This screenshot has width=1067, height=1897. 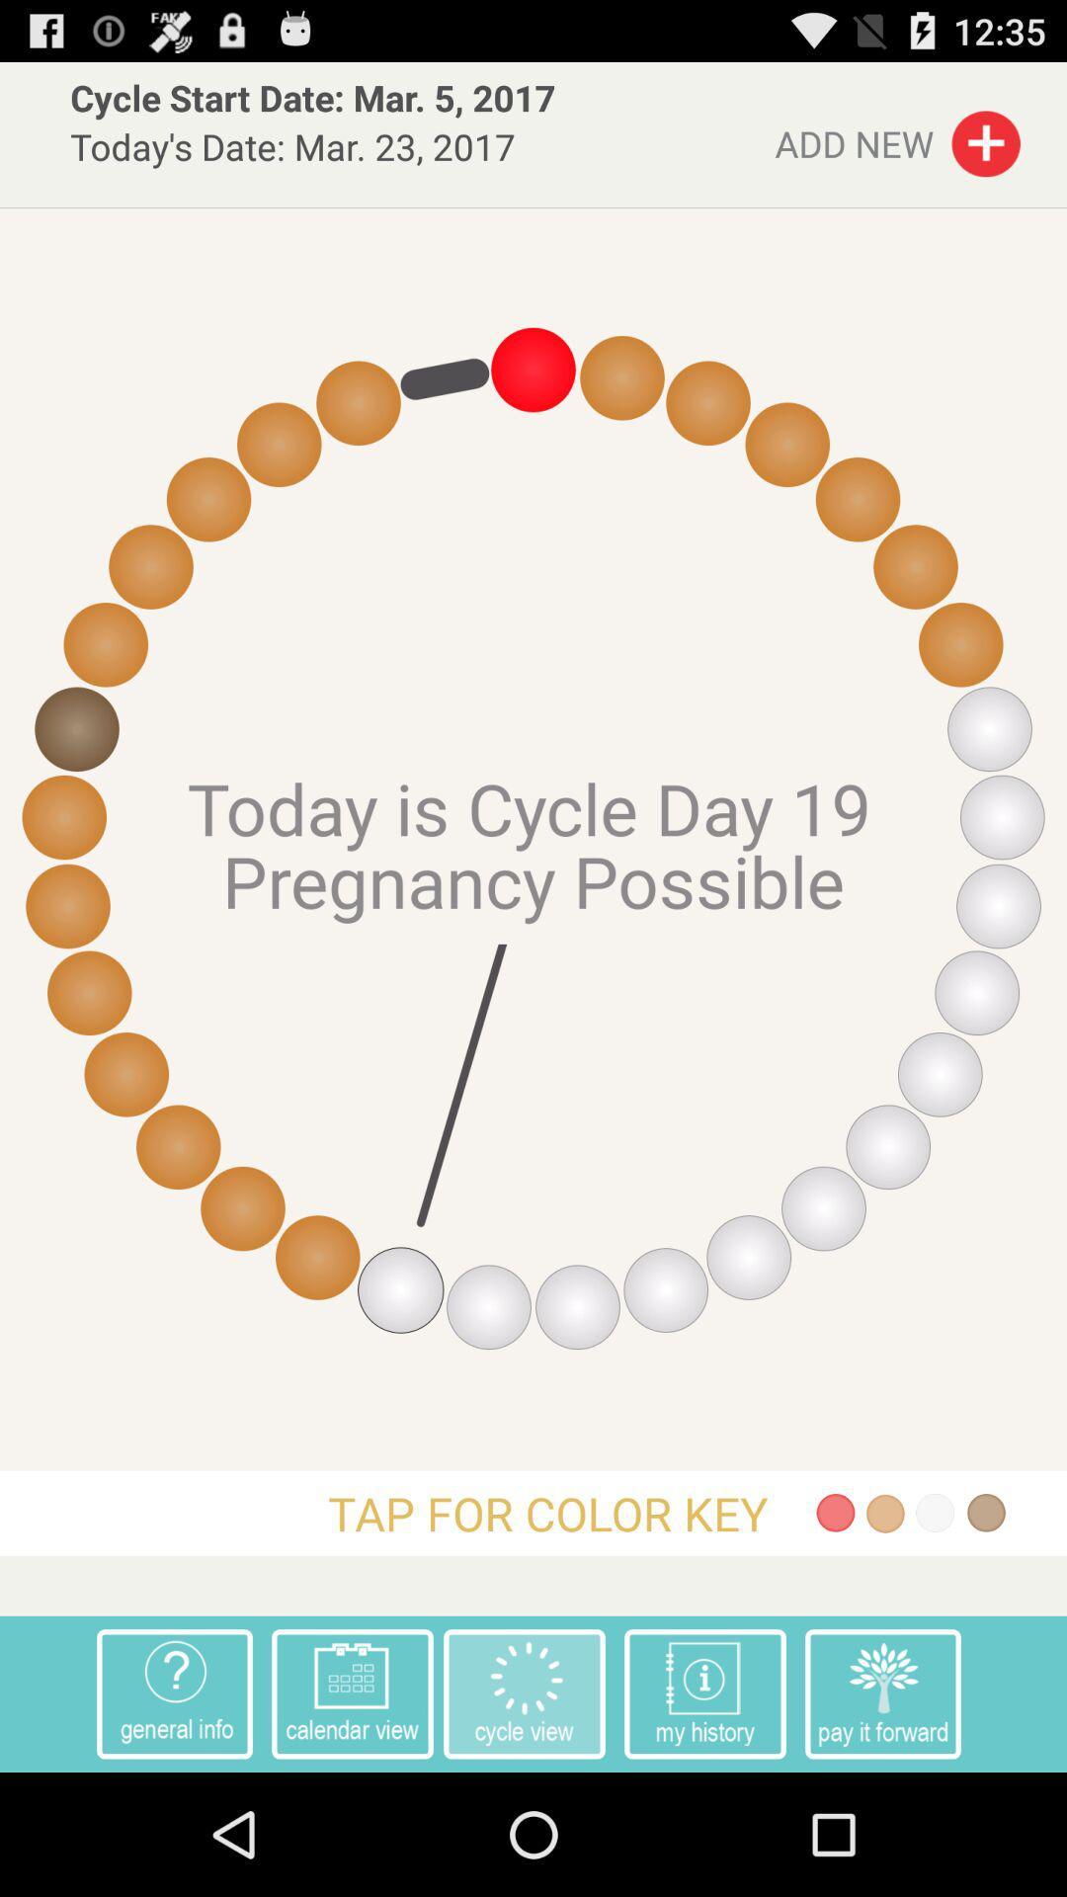 What do you see at coordinates (897, 137) in the screenshot?
I see `the item to the right of cycle start date item` at bounding box center [897, 137].